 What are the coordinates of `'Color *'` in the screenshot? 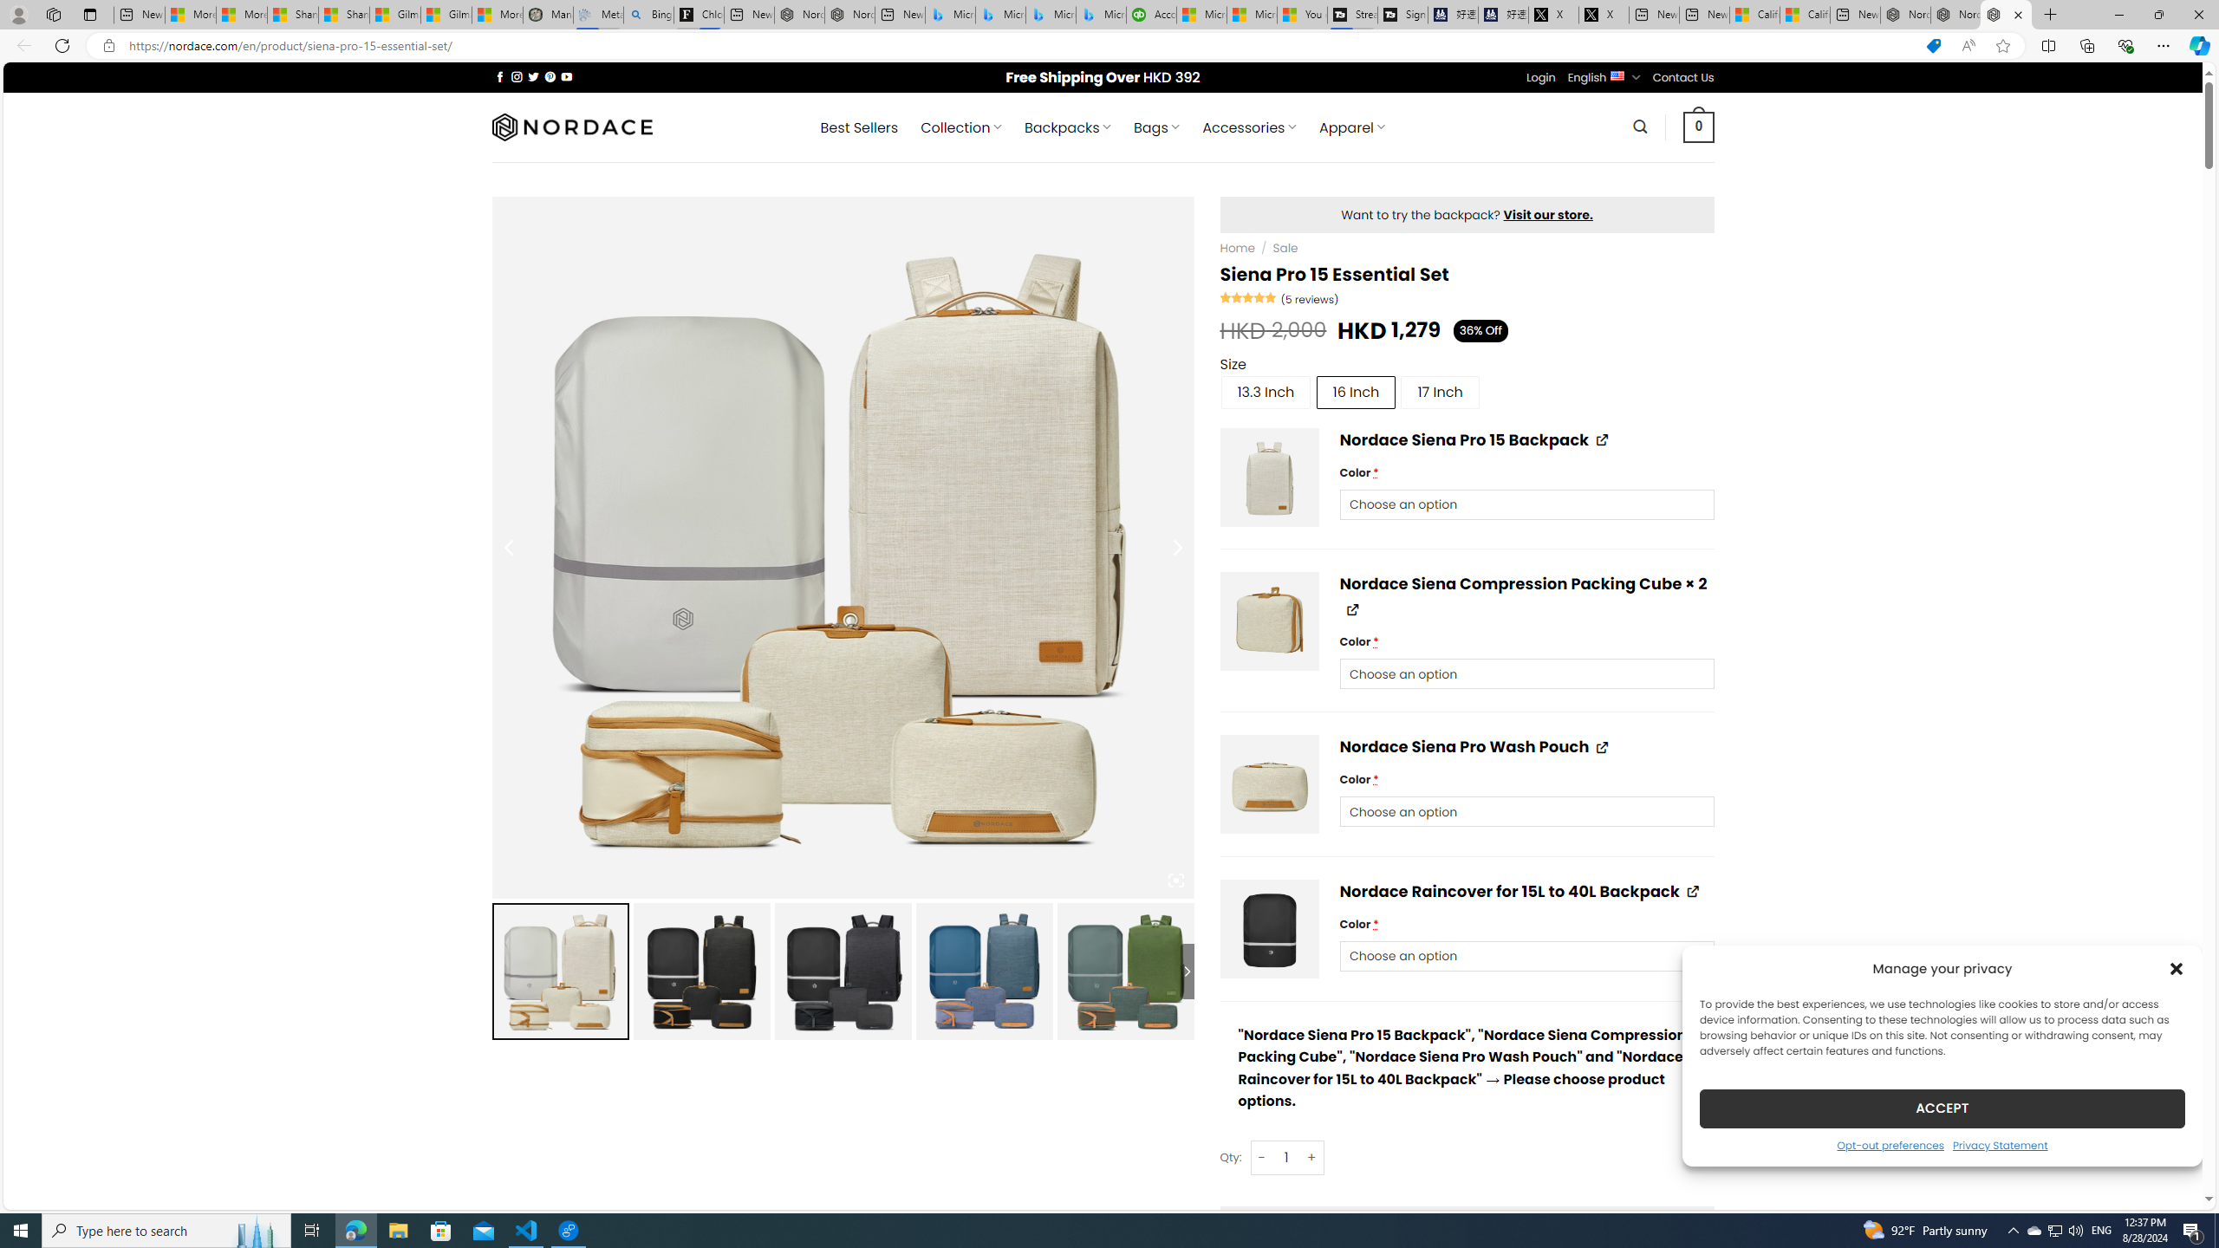 It's located at (1526, 955).